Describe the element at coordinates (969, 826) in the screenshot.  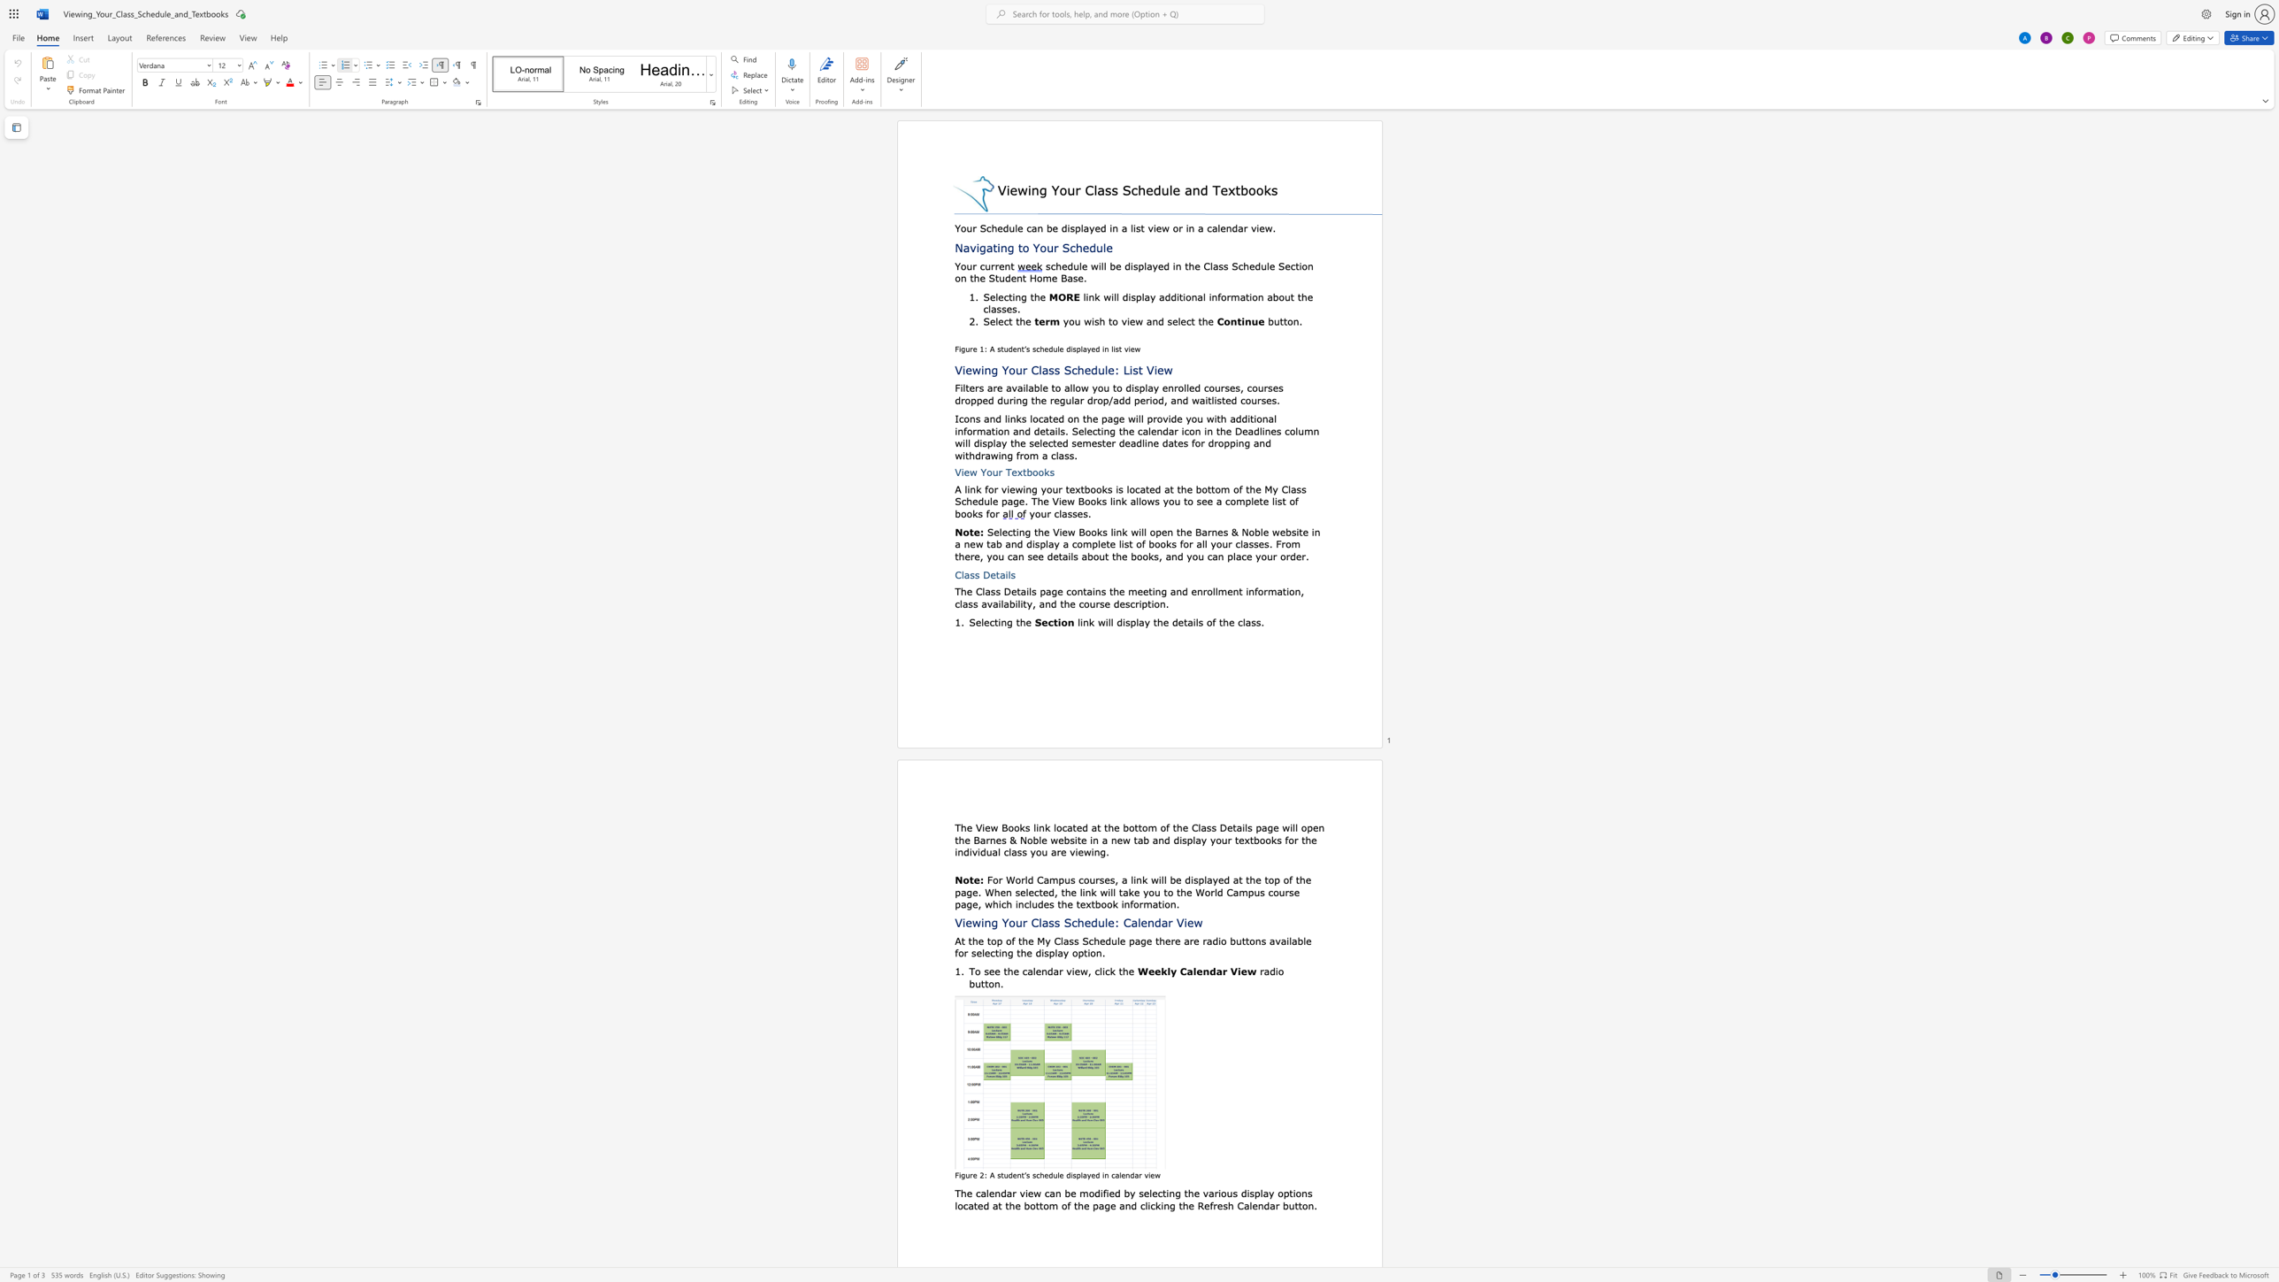
I see `the 1th character "e" in the text` at that location.